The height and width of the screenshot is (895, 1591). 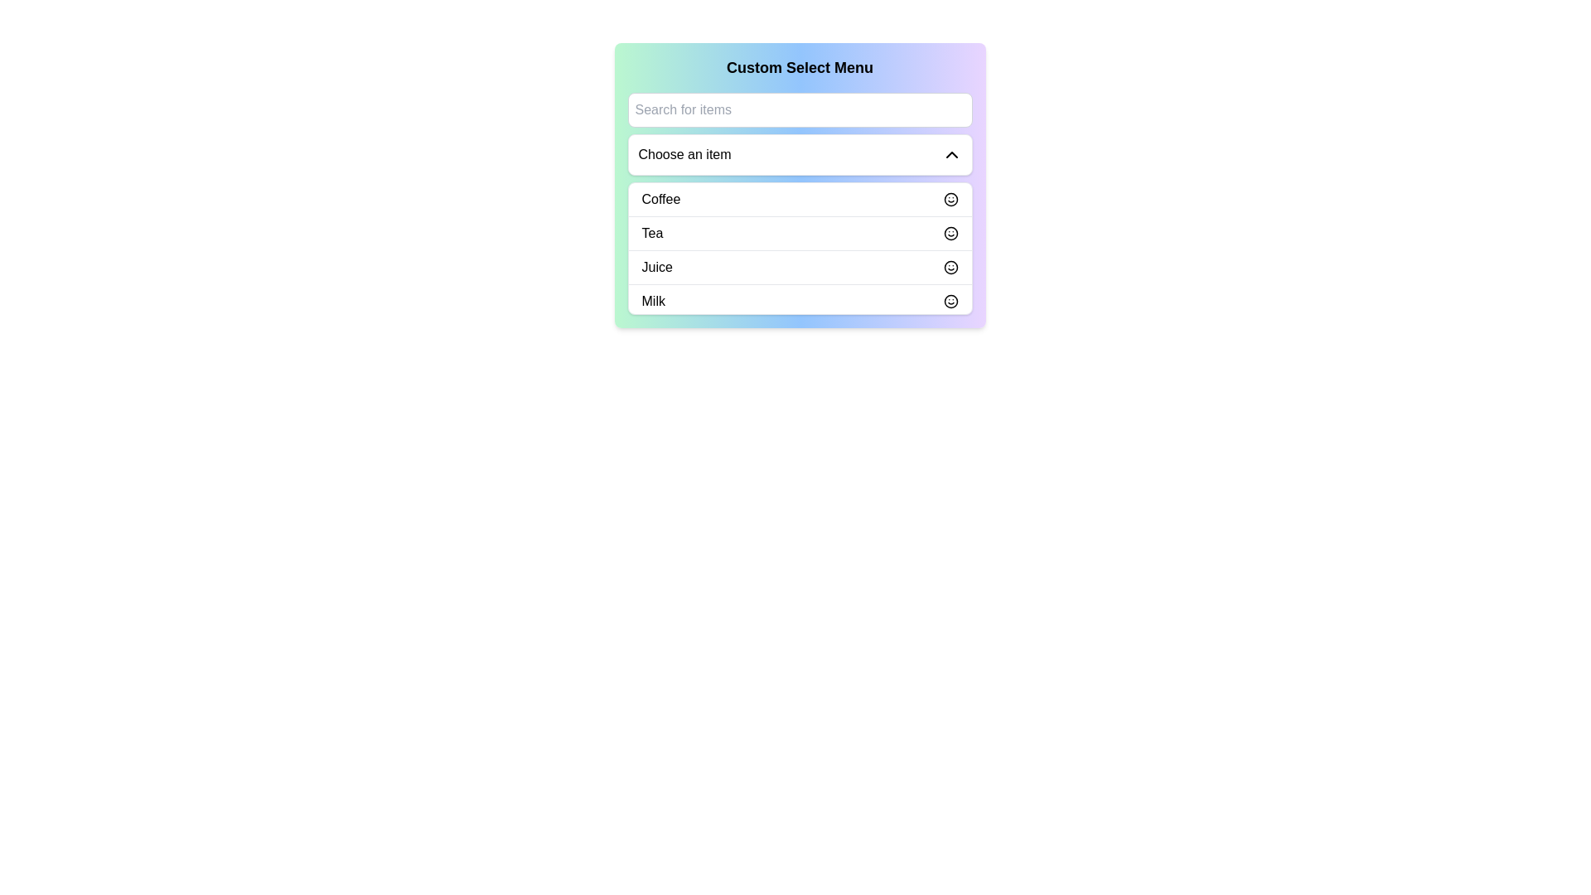 I want to click on the third selectable item in the 'Custom Select Menu', so click(x=800, y=266).